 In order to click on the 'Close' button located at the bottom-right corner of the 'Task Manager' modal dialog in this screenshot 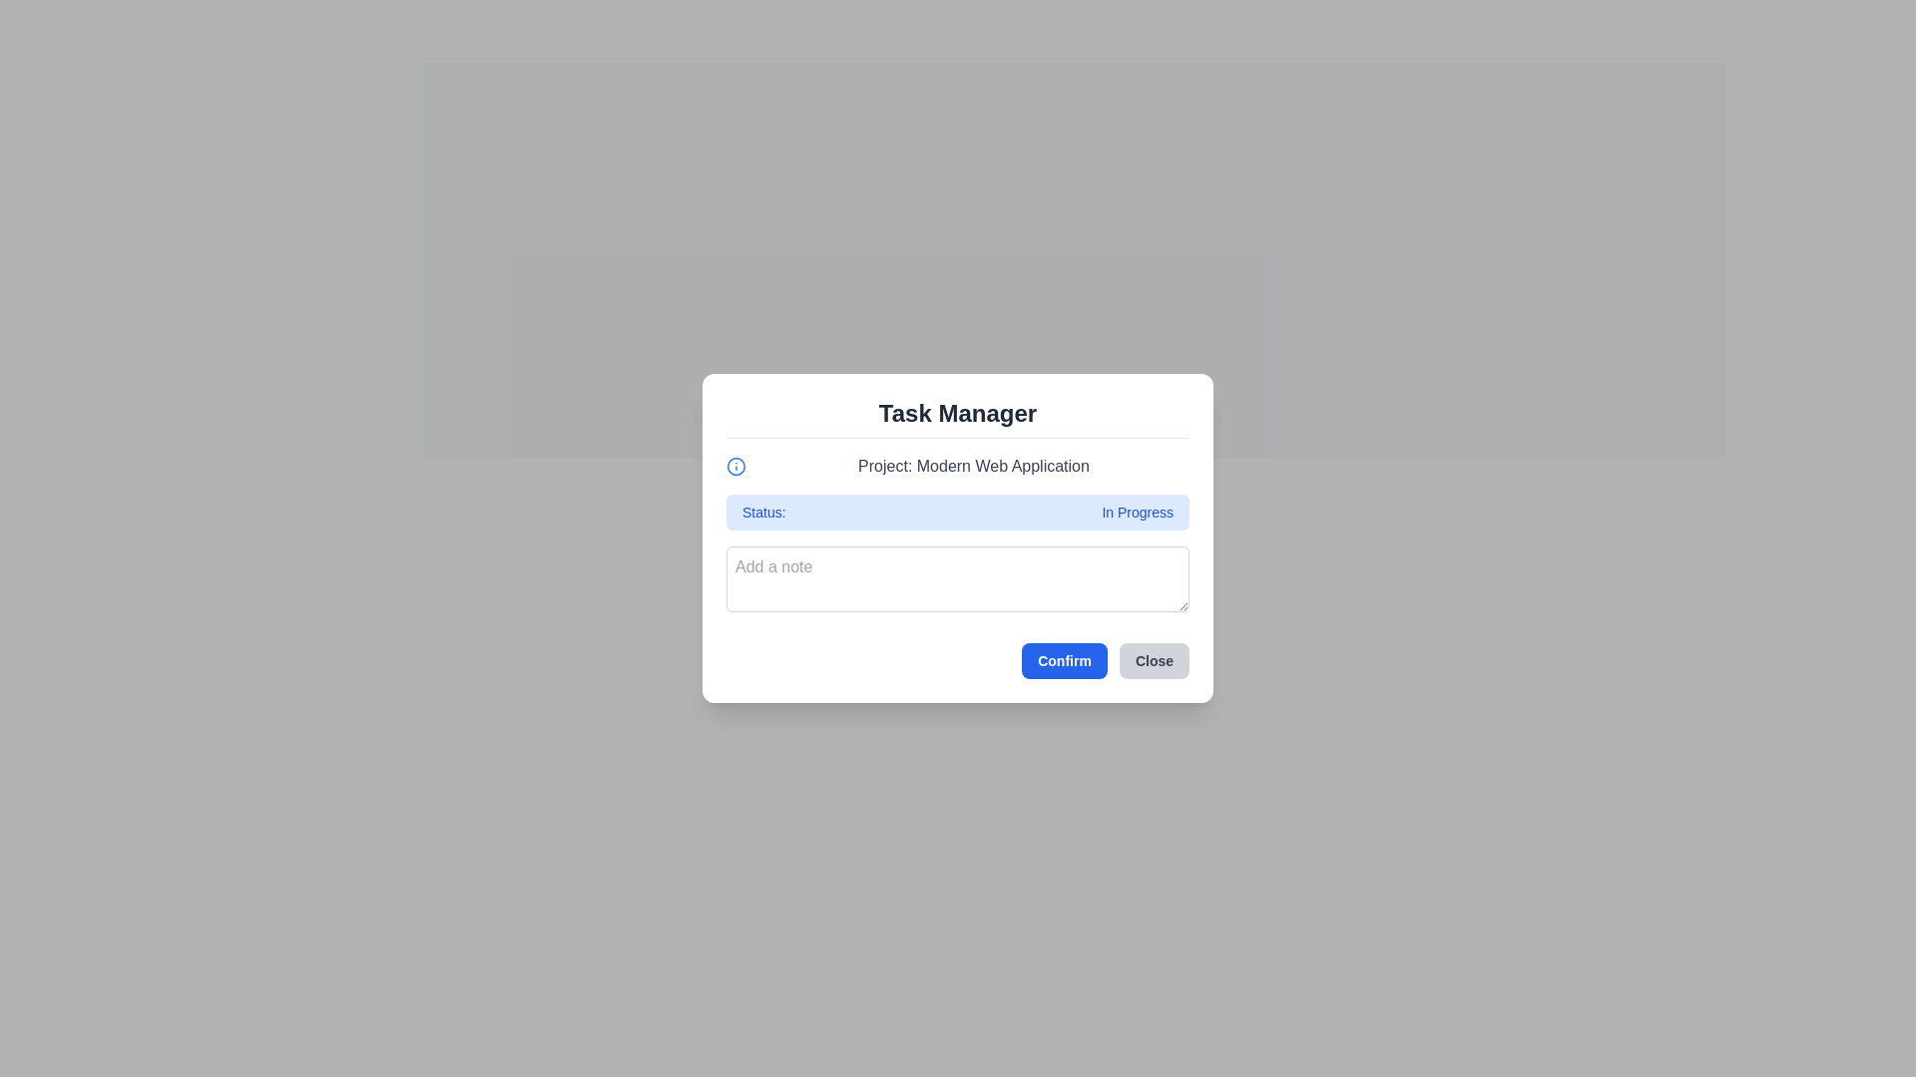, I will do `click(1154, 661)`.